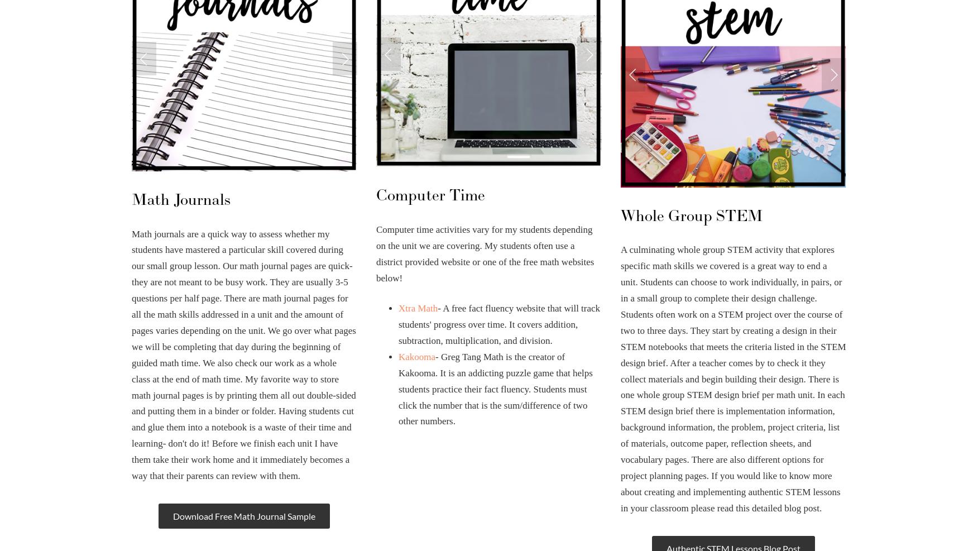 This screenshot has height=551, width=978. I want to click on 'Math journals are a quick way to assess whether my students have mastered a particular skill covered during our small group lesson. Our math journal pages are quick- they are not meant to be busy work. They are usually 3-5 questions per half page. There are math journal pages for all the math skills addressed in a unit and the amount of pages varies depending on the unit. We go over what pages we will be completing that day during the beginning of guided math time. We also check our work as a whole class at the end of math time. My favorite way to store math journal pages is by printing them all out double-sided and putting them in a binder or folder. Having students cut and glue them into a notebook is a waste of their time and learning- don't do it! Before we finish each unit I have them take their work home and it immediately becomes a way that their parents can review with them.', so click(243, 354).